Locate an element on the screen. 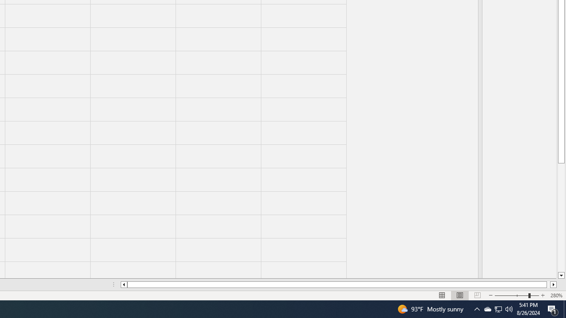  'Page Layout' is located at coordinates (460, 295).